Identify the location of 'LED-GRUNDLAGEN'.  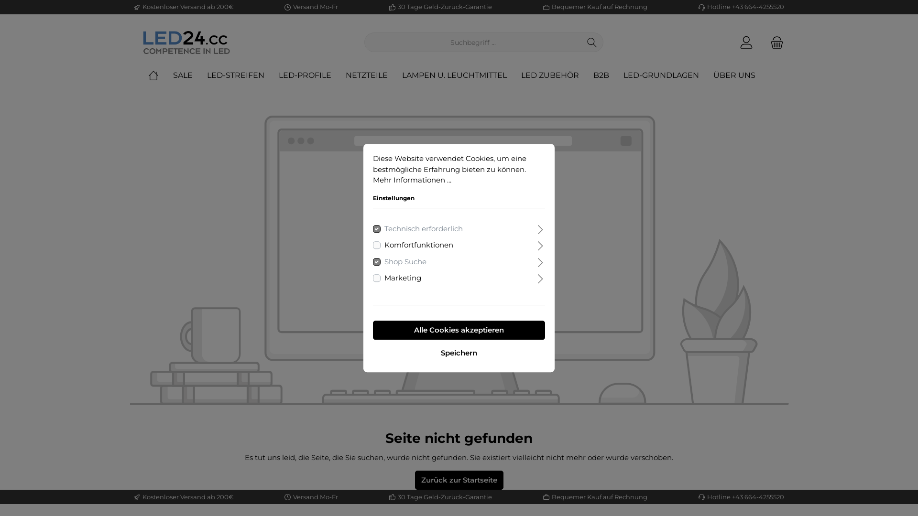
(667, 75).